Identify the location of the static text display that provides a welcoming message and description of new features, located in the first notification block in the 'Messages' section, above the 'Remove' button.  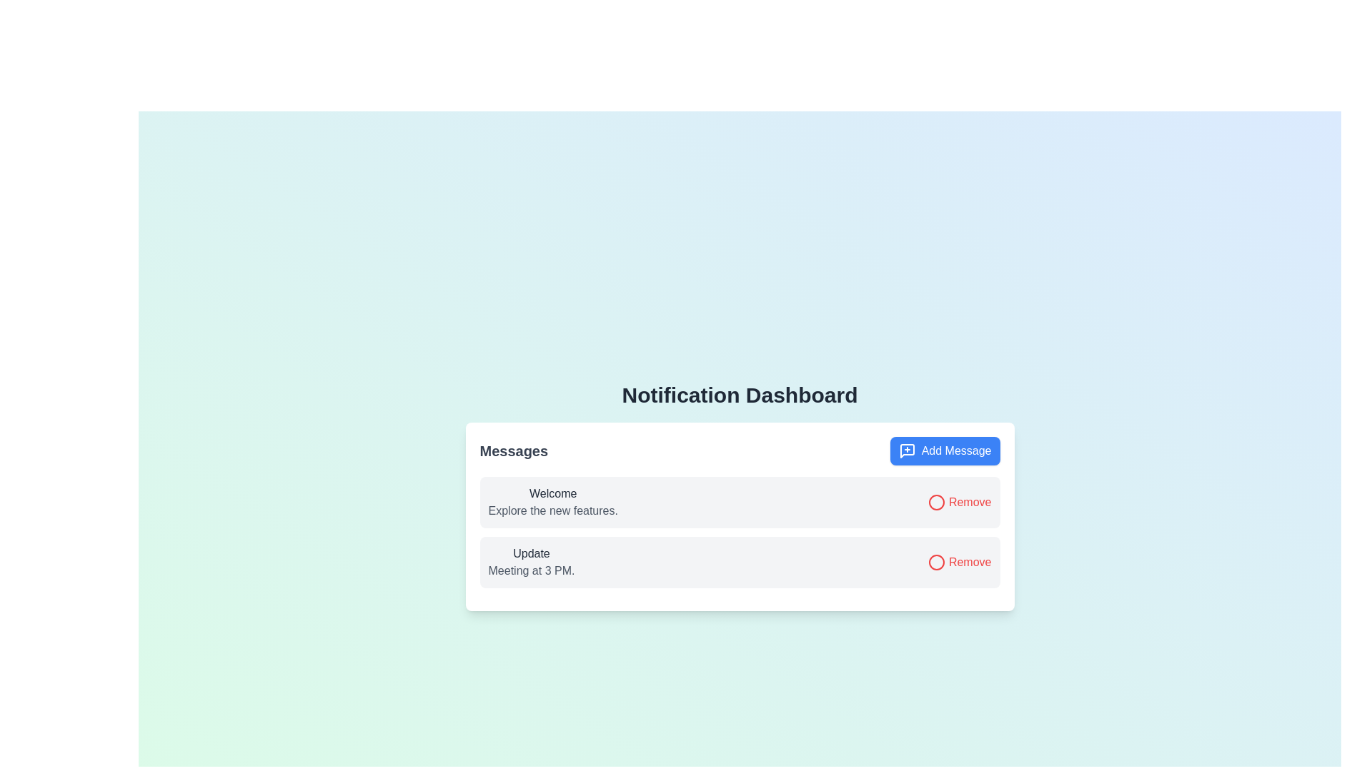
(552, 502).